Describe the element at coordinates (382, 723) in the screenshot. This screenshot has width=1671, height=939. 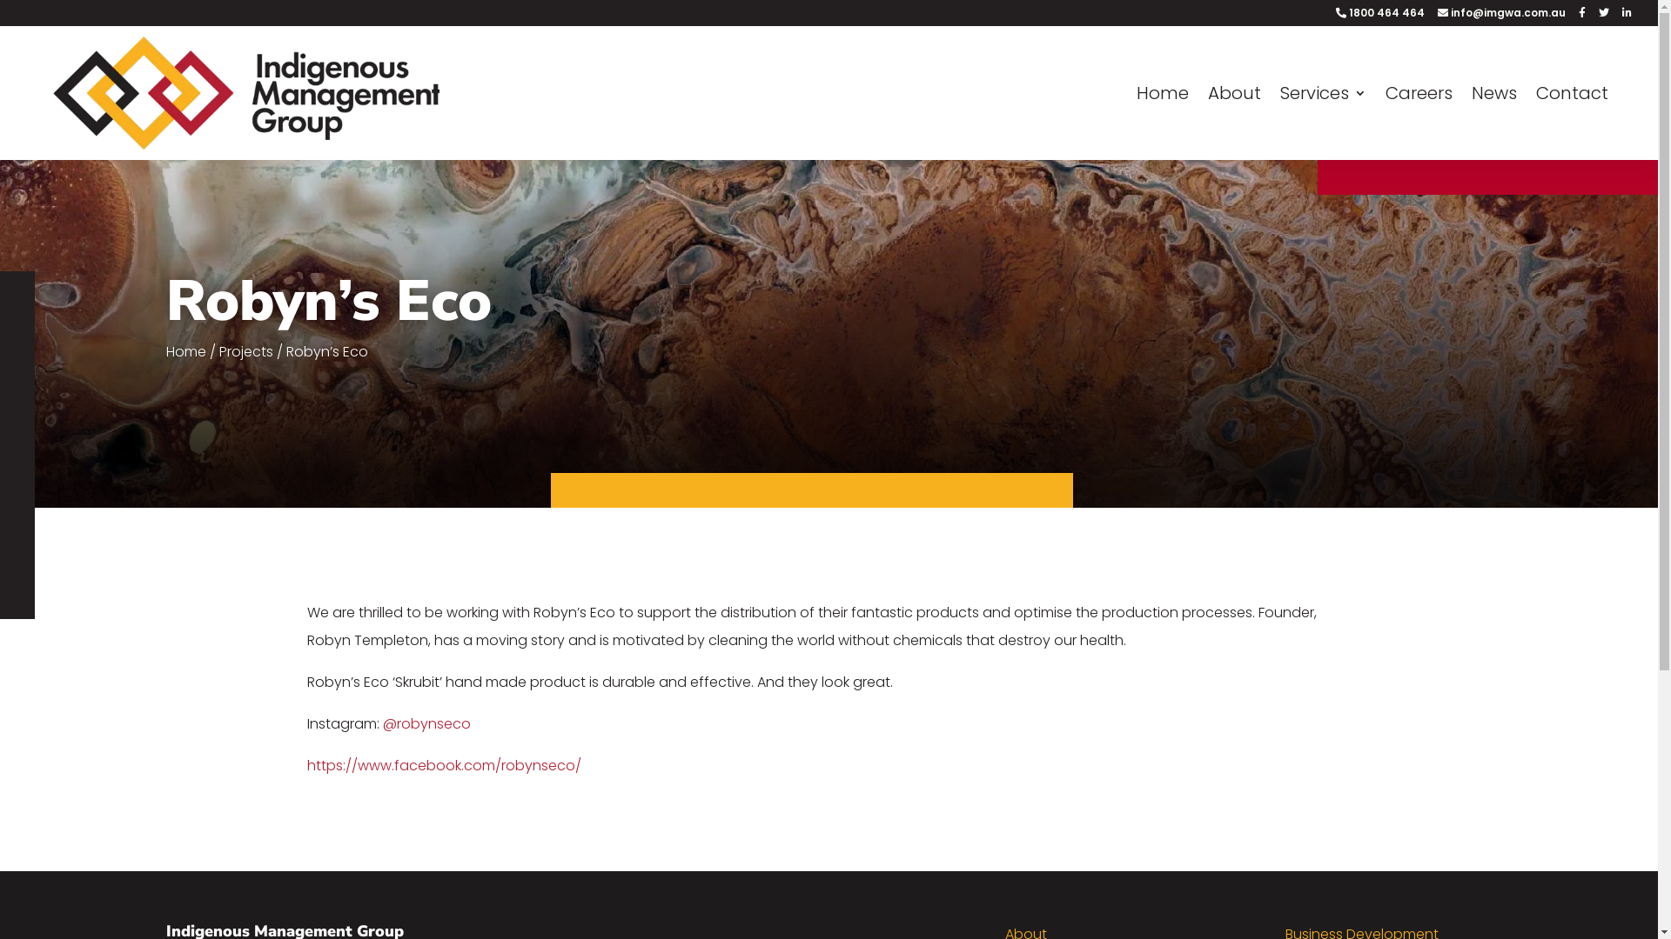
I see `'@robynseco'` at that location.